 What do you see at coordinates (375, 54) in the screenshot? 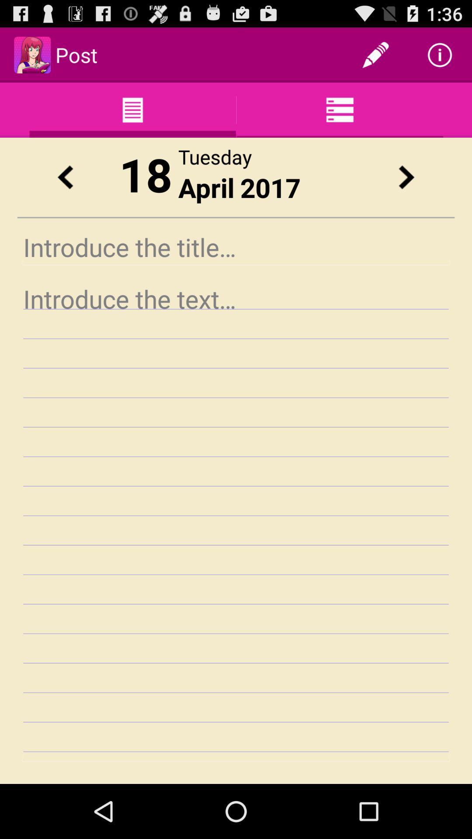
I see `item to the right of post` at bounding box center [375, 54].